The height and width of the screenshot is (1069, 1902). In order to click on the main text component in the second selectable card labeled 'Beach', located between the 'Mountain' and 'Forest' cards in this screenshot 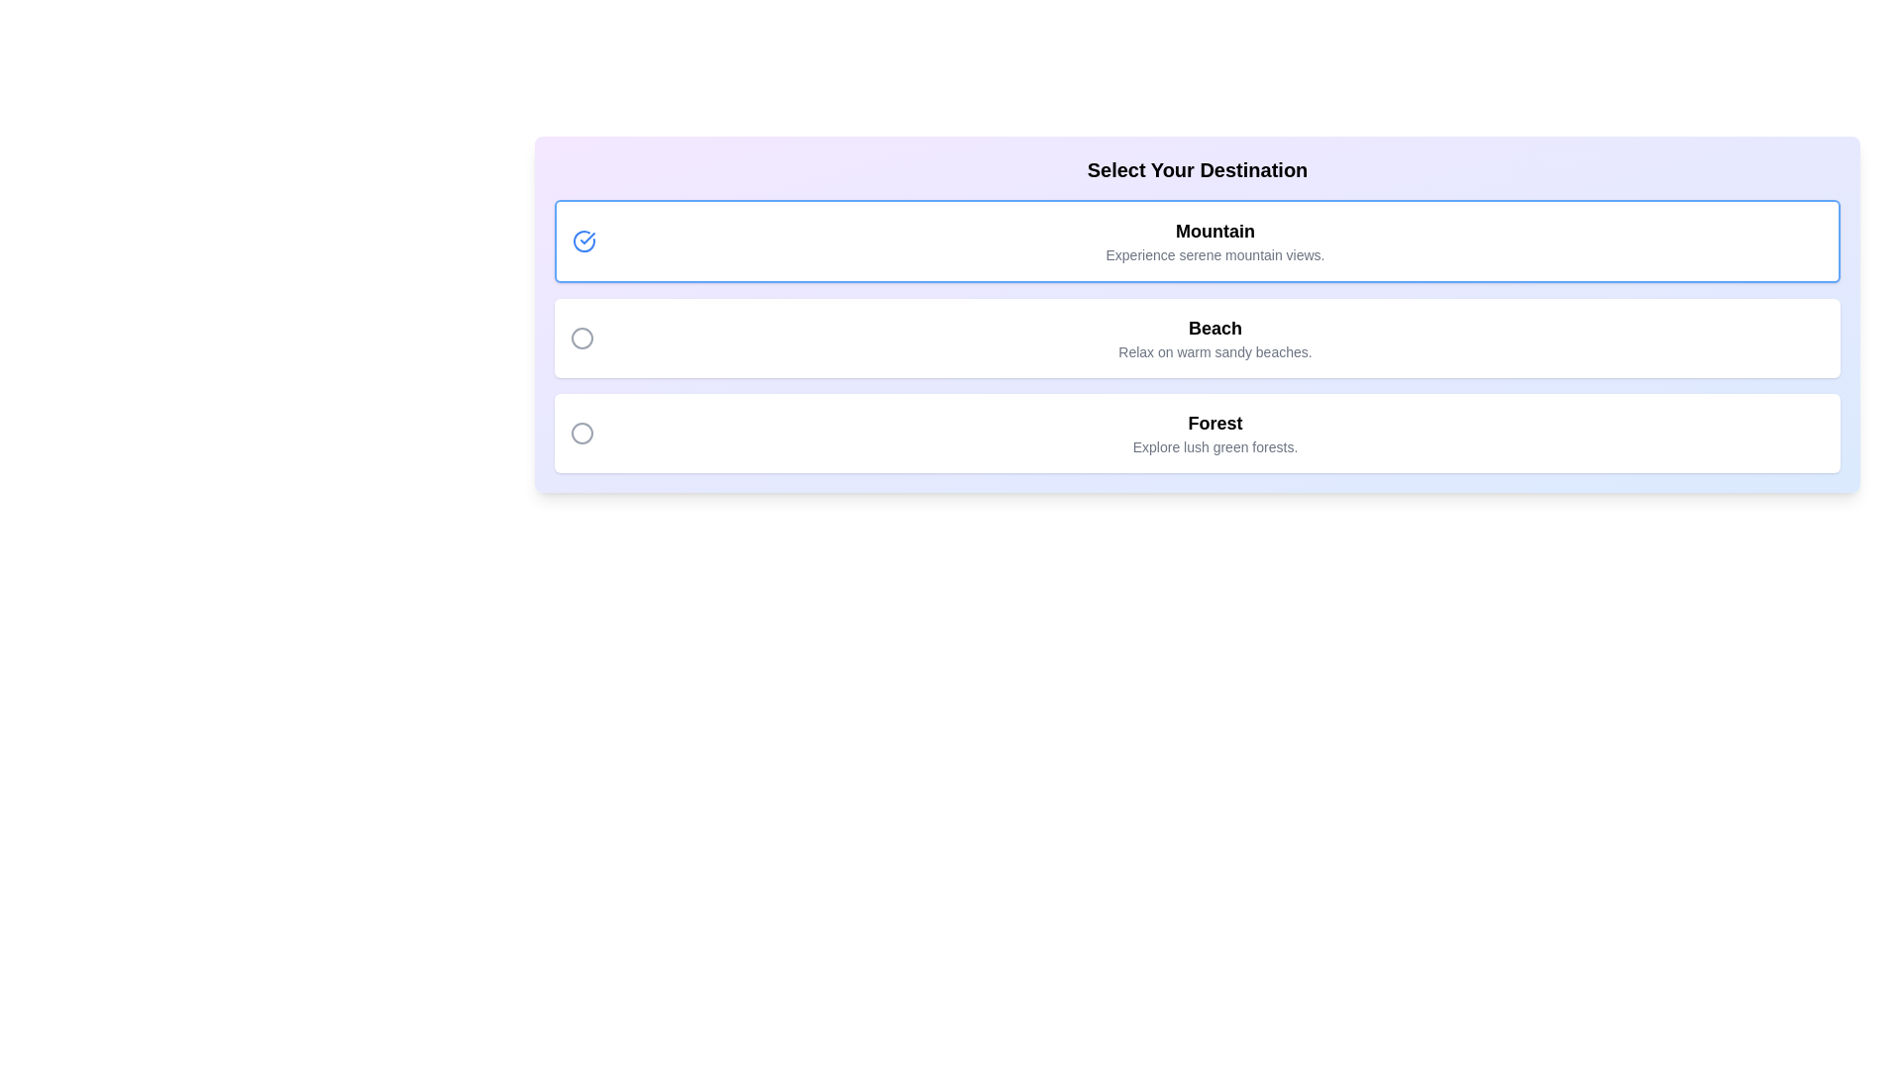, I will do `click(1215, 338)`.